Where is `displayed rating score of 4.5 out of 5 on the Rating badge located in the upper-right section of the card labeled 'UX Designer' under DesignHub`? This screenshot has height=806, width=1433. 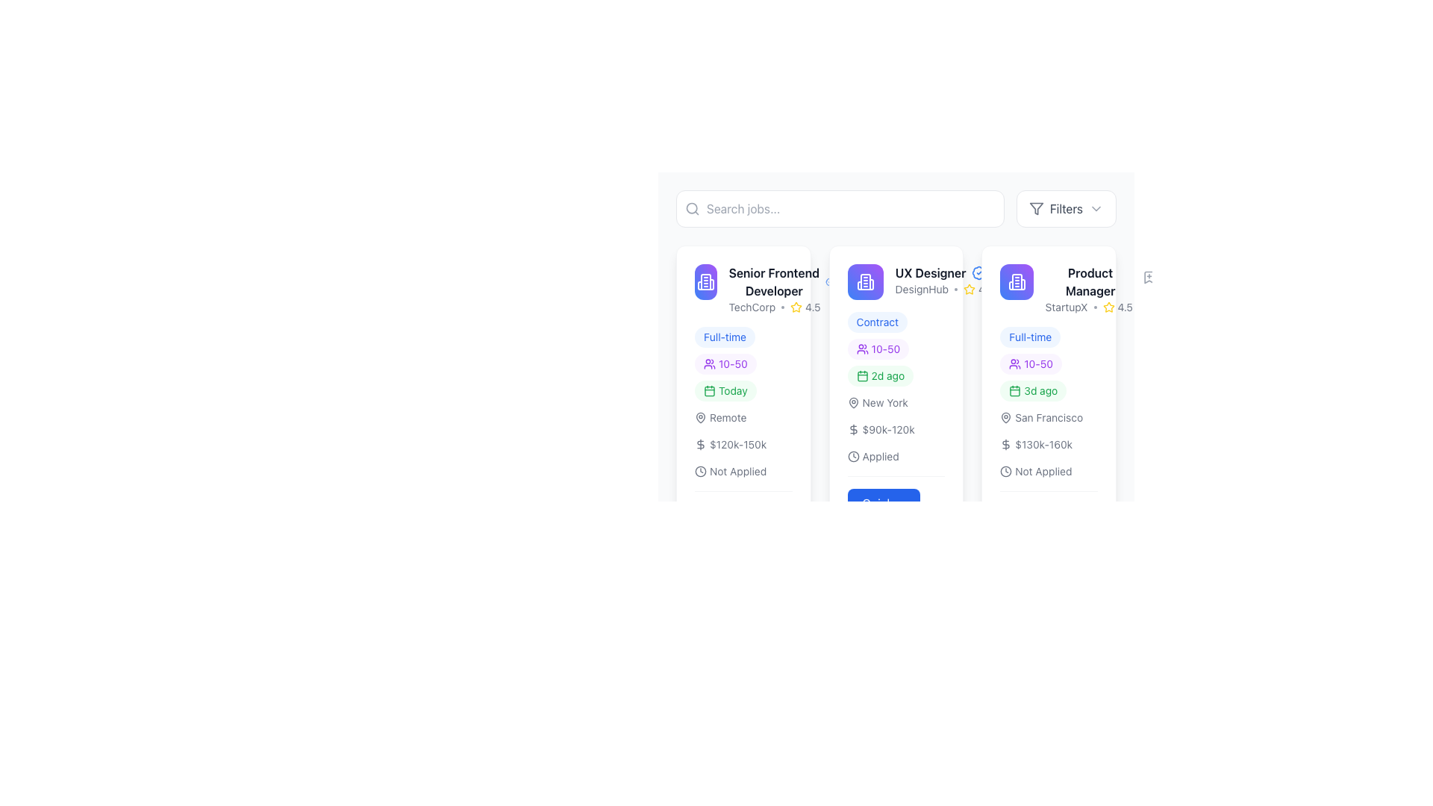 displayed rating score of 4.5 out of 5 on the Rating badge located in the upper-right section of the card labeled 'UX Designer' under DesignHub is located at coordinates (978, 290).